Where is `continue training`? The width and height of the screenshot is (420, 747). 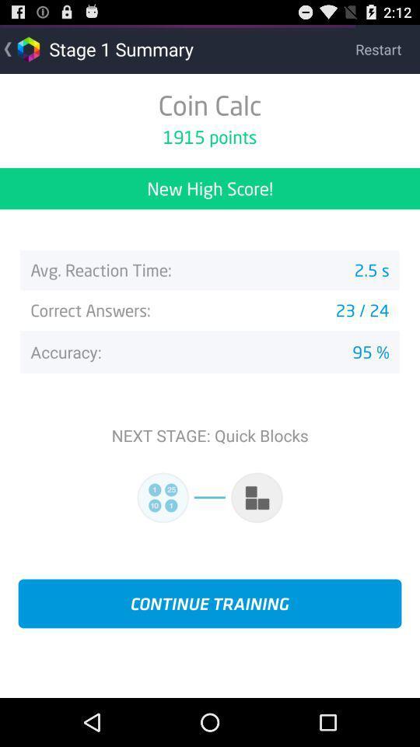
continue training is located at coordinates (210, 602).